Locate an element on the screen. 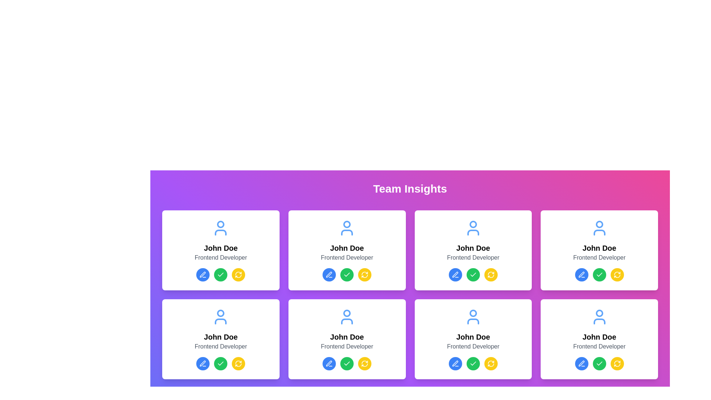 Image resolution: width=711 pixels, height=400 pixels. the information card in the top row, third column of the grid layout in the 'Team Insights' section is located at coordinates (473, 250).